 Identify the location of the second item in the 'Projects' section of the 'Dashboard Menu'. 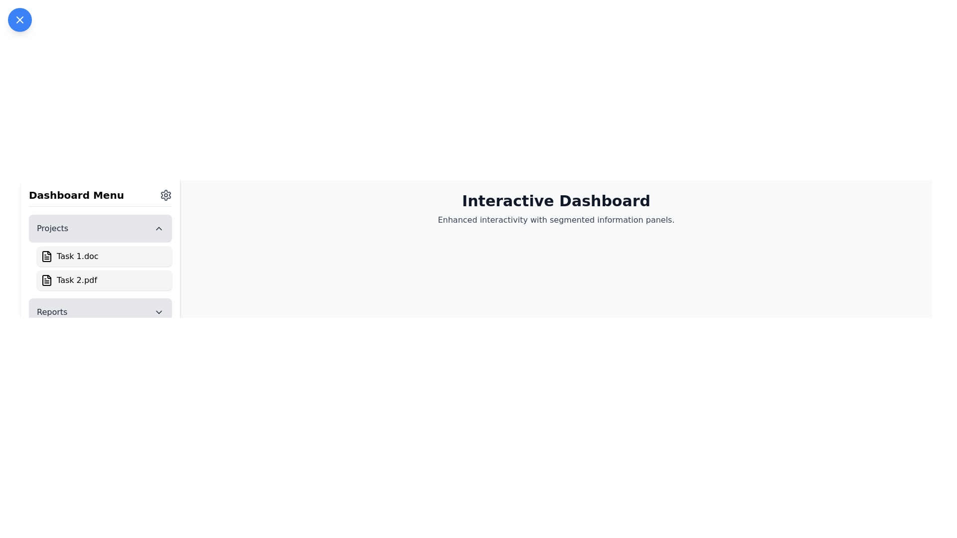
(76, 280).